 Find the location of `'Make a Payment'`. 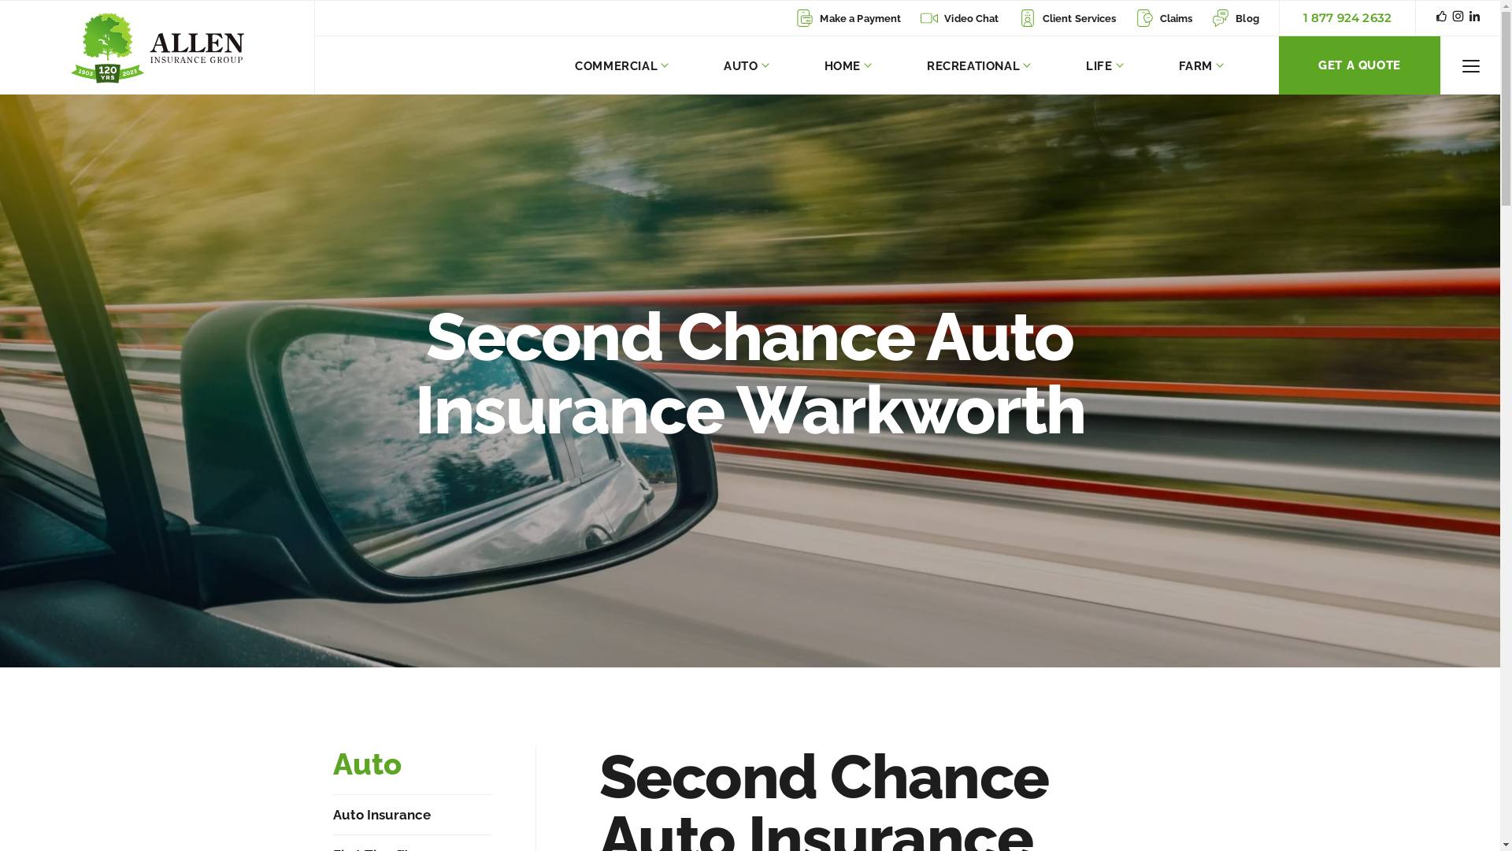

'Make a Payment' is located at coordinates (847, 18).